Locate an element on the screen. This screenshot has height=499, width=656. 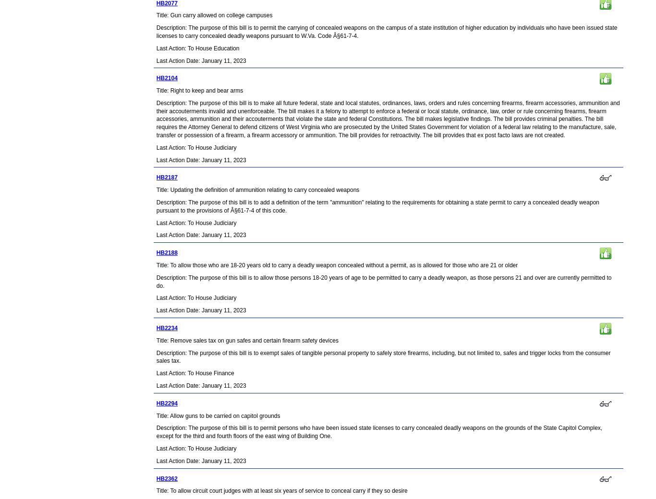
'Title: Updating the definition of ammunition relating to carry concealed weapons' is located at coordinates (257, 190).